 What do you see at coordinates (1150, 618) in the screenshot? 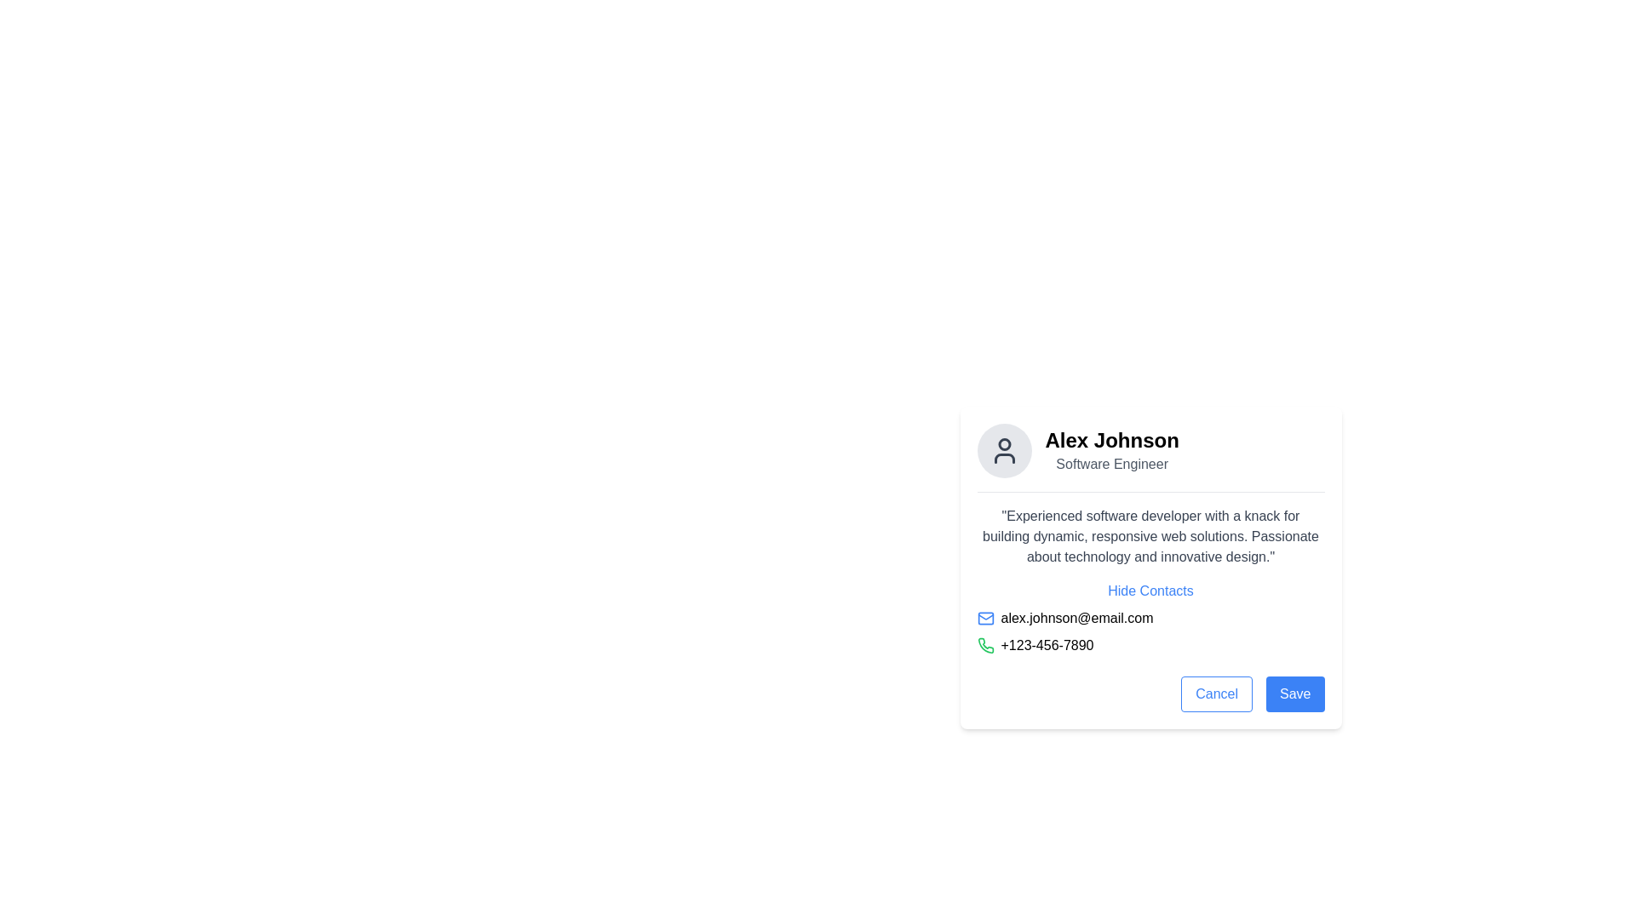
I see `the email address 'alex.johnson@email.com' which is displayed with a blue envelope icon to its left, located as the first item` at bounding box center [1150, 618].